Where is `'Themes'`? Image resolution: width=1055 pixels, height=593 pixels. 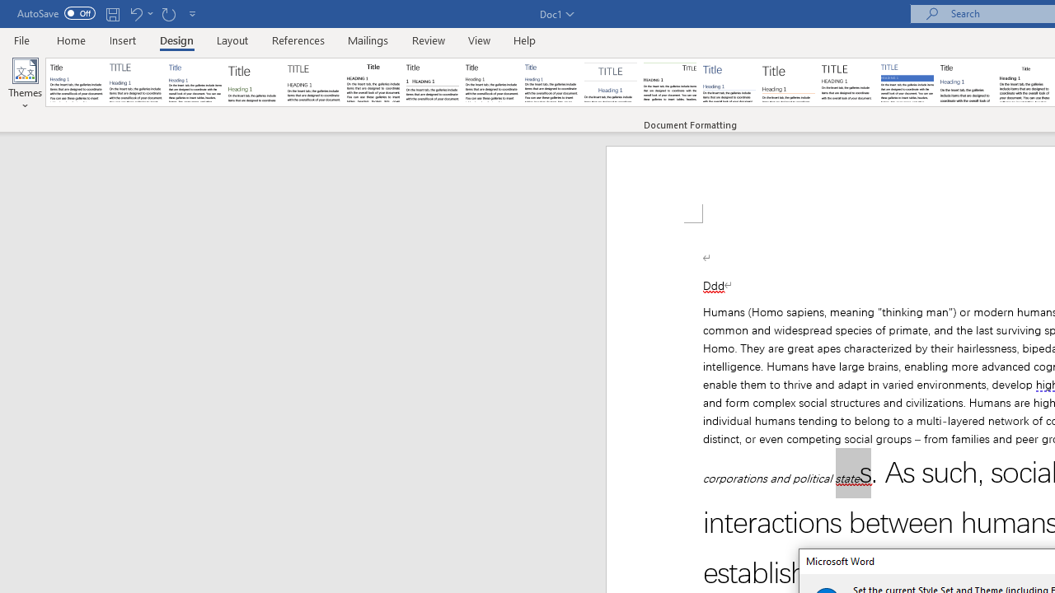 'Themes' is located at coordinates (25, 85).